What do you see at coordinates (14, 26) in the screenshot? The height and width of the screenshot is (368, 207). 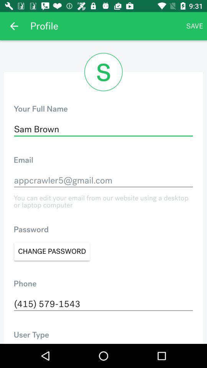 I see `the item above the your full name` at bounding box center [14, 26].